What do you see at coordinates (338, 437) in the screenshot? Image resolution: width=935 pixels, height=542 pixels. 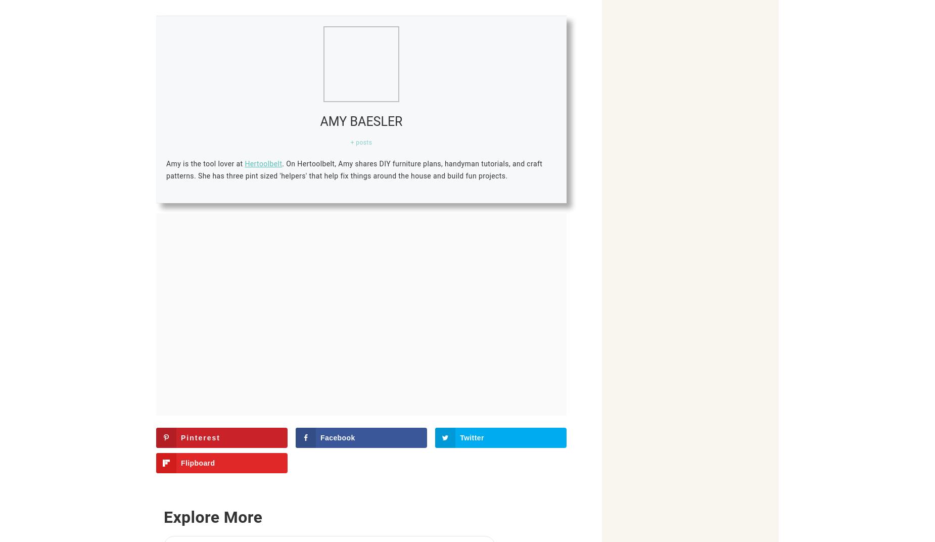 I see `'Facebook'` at bounding box center [338, 437].